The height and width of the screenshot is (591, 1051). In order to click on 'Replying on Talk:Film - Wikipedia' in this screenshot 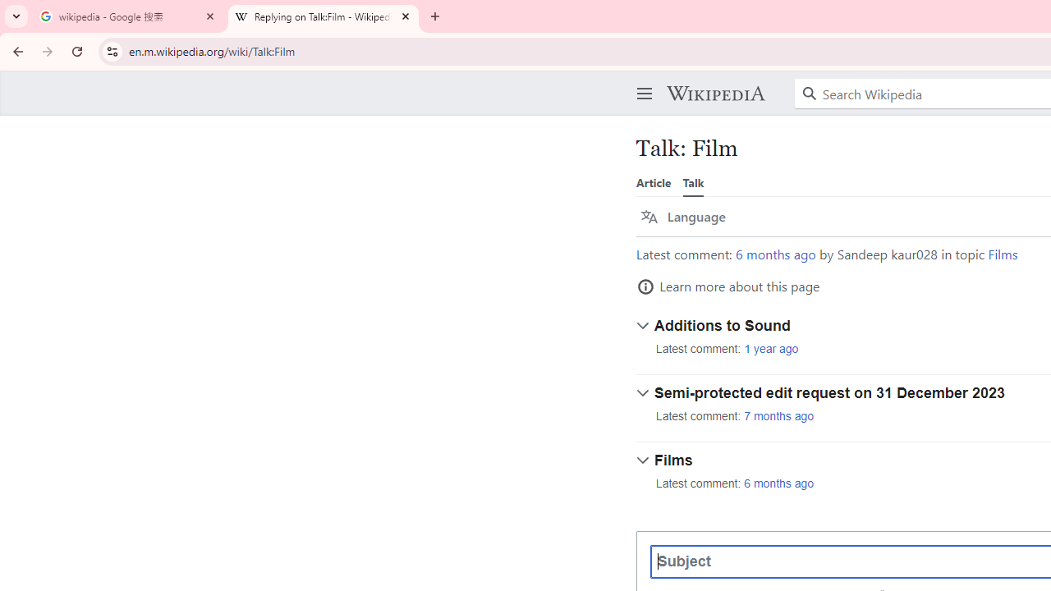, I will do `click(324, 16)`.